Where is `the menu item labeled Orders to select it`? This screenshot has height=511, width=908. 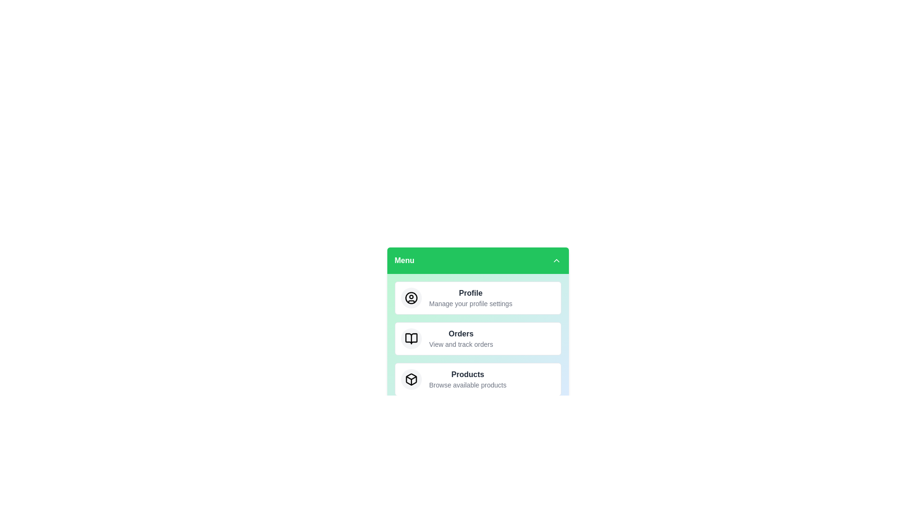
the menu item labeled Orders to select it is located at coordinates (478, 338).